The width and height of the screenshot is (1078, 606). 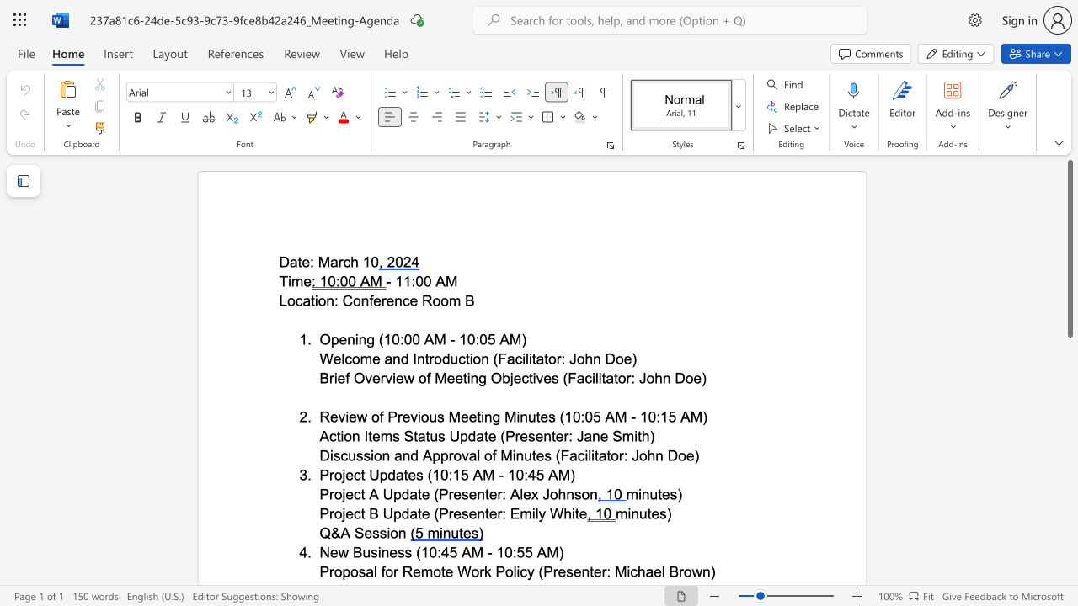 What do you see at coordinates (604, 435) in the screenshot?
I see `the 6th character "e" in the text` at bounding box center [604, 435].